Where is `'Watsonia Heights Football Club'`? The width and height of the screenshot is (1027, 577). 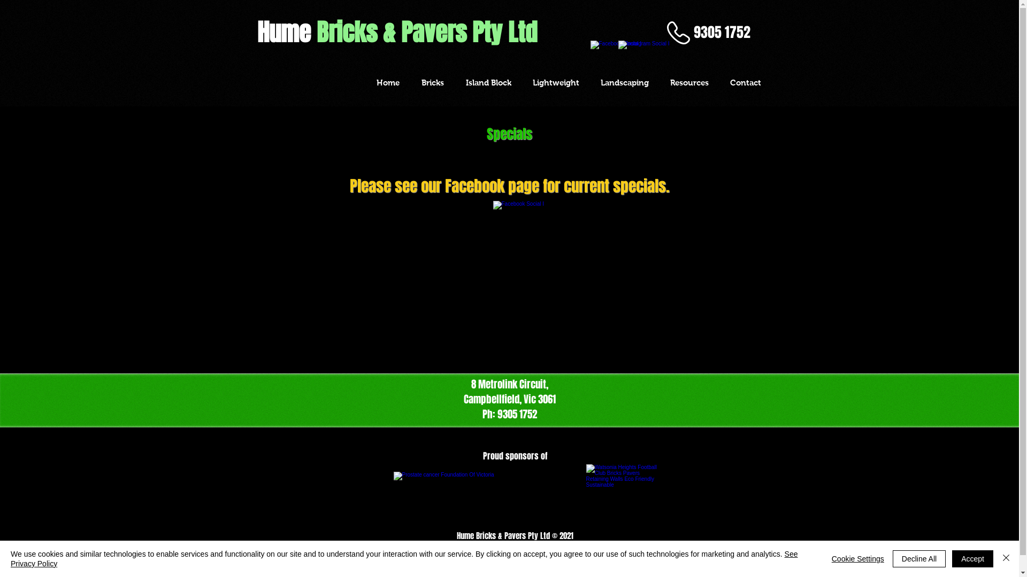 'Watsonia Heights Football Club' is located at coordinates (622, 496).